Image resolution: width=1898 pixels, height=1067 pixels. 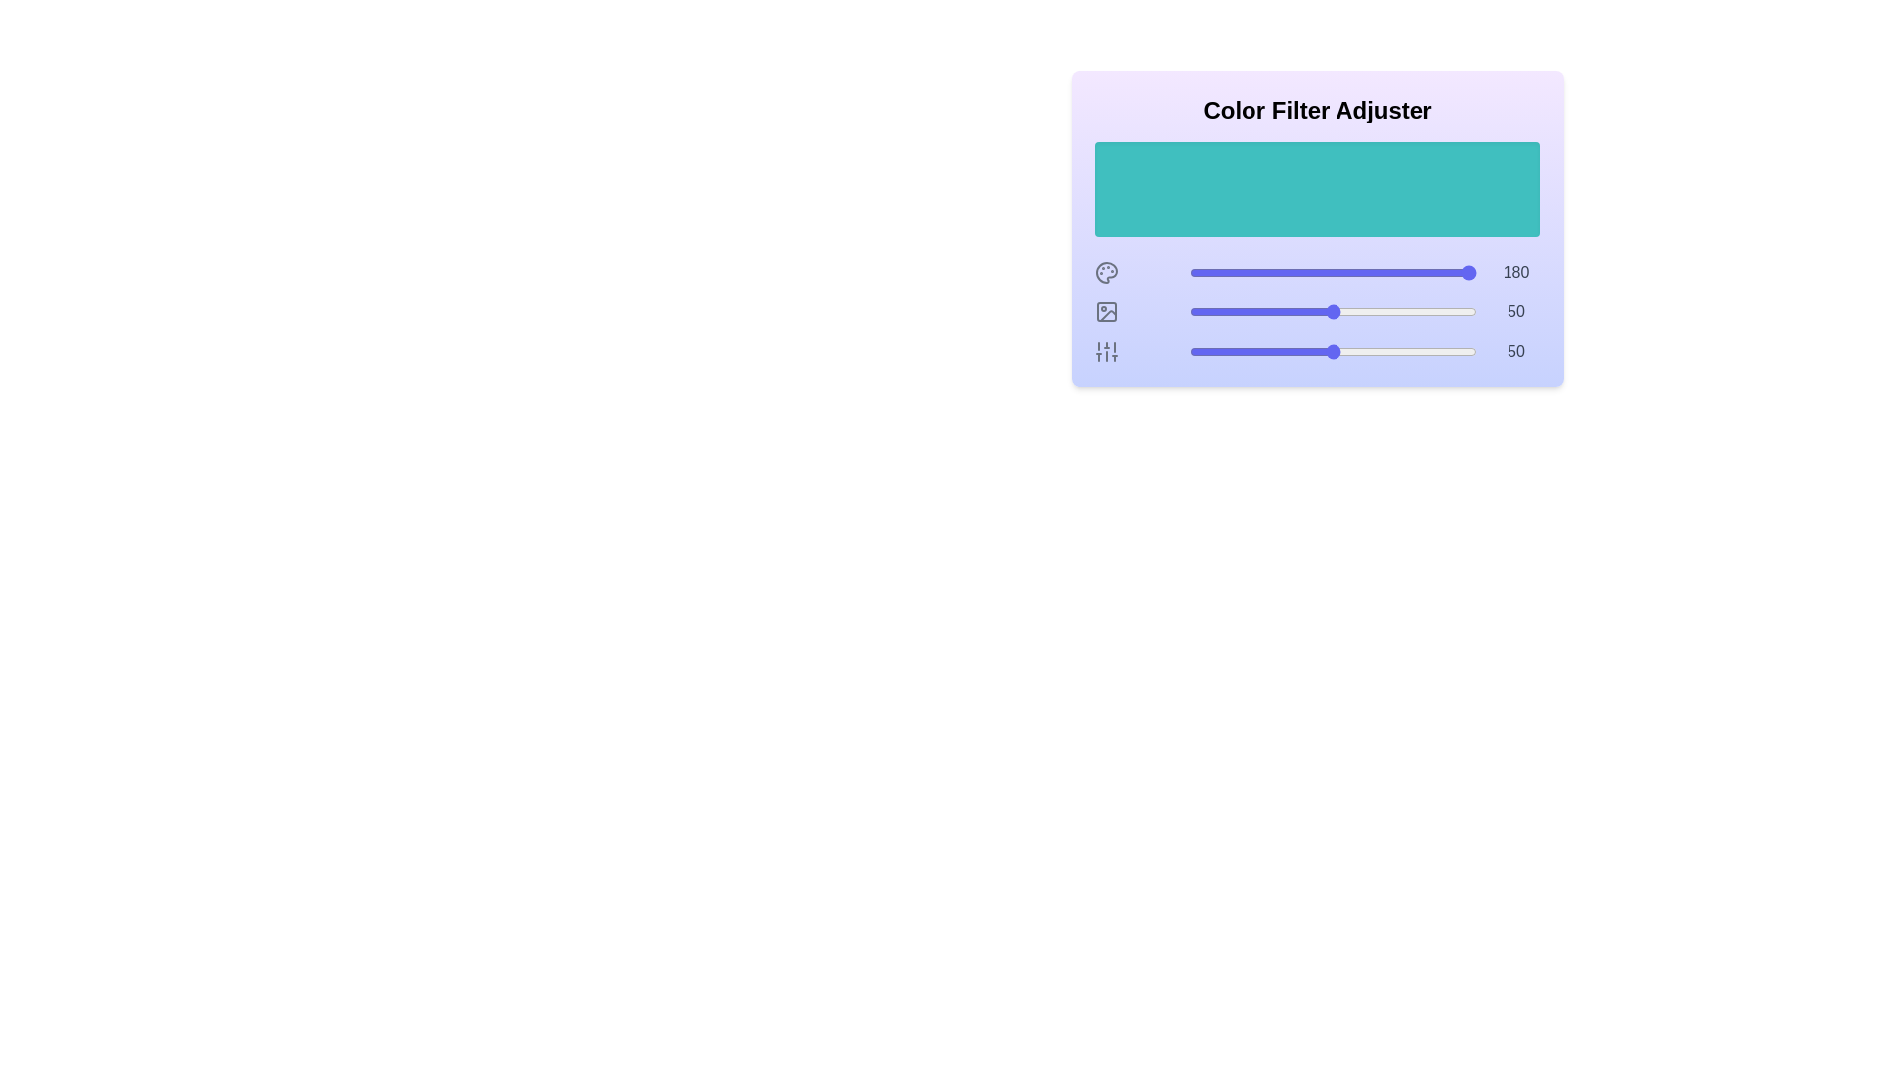 What do you see at coordinates (1319, 311) in the screenshot?
I see `the saturation slider to set the saturation to 45%` at bounding box center [1319, 311].